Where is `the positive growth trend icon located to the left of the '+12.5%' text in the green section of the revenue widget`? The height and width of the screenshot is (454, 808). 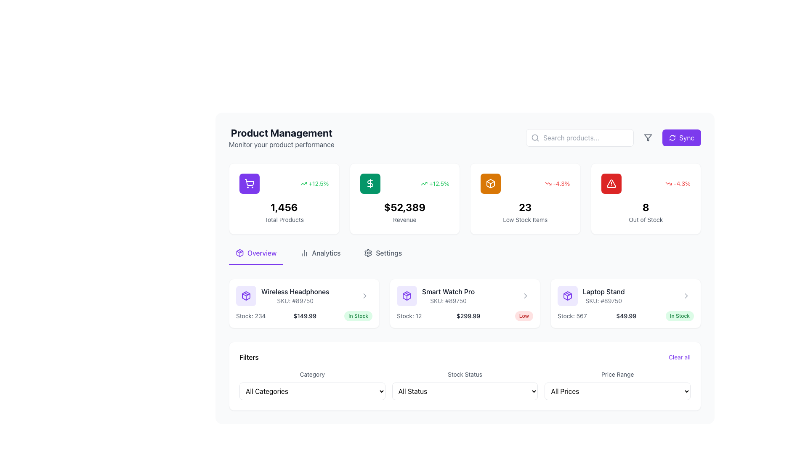 the positive growth trend icon located to the left of the '+12.5%' text in the green section of the revenue widget is located at coordinates (303, 183).